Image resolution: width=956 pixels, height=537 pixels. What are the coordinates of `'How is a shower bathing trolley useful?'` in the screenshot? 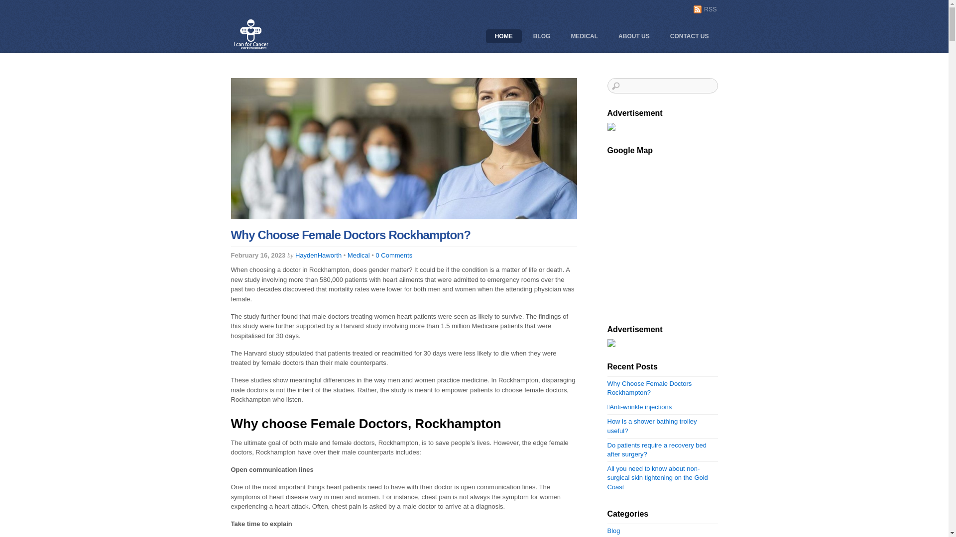 It's located at (652, 425).